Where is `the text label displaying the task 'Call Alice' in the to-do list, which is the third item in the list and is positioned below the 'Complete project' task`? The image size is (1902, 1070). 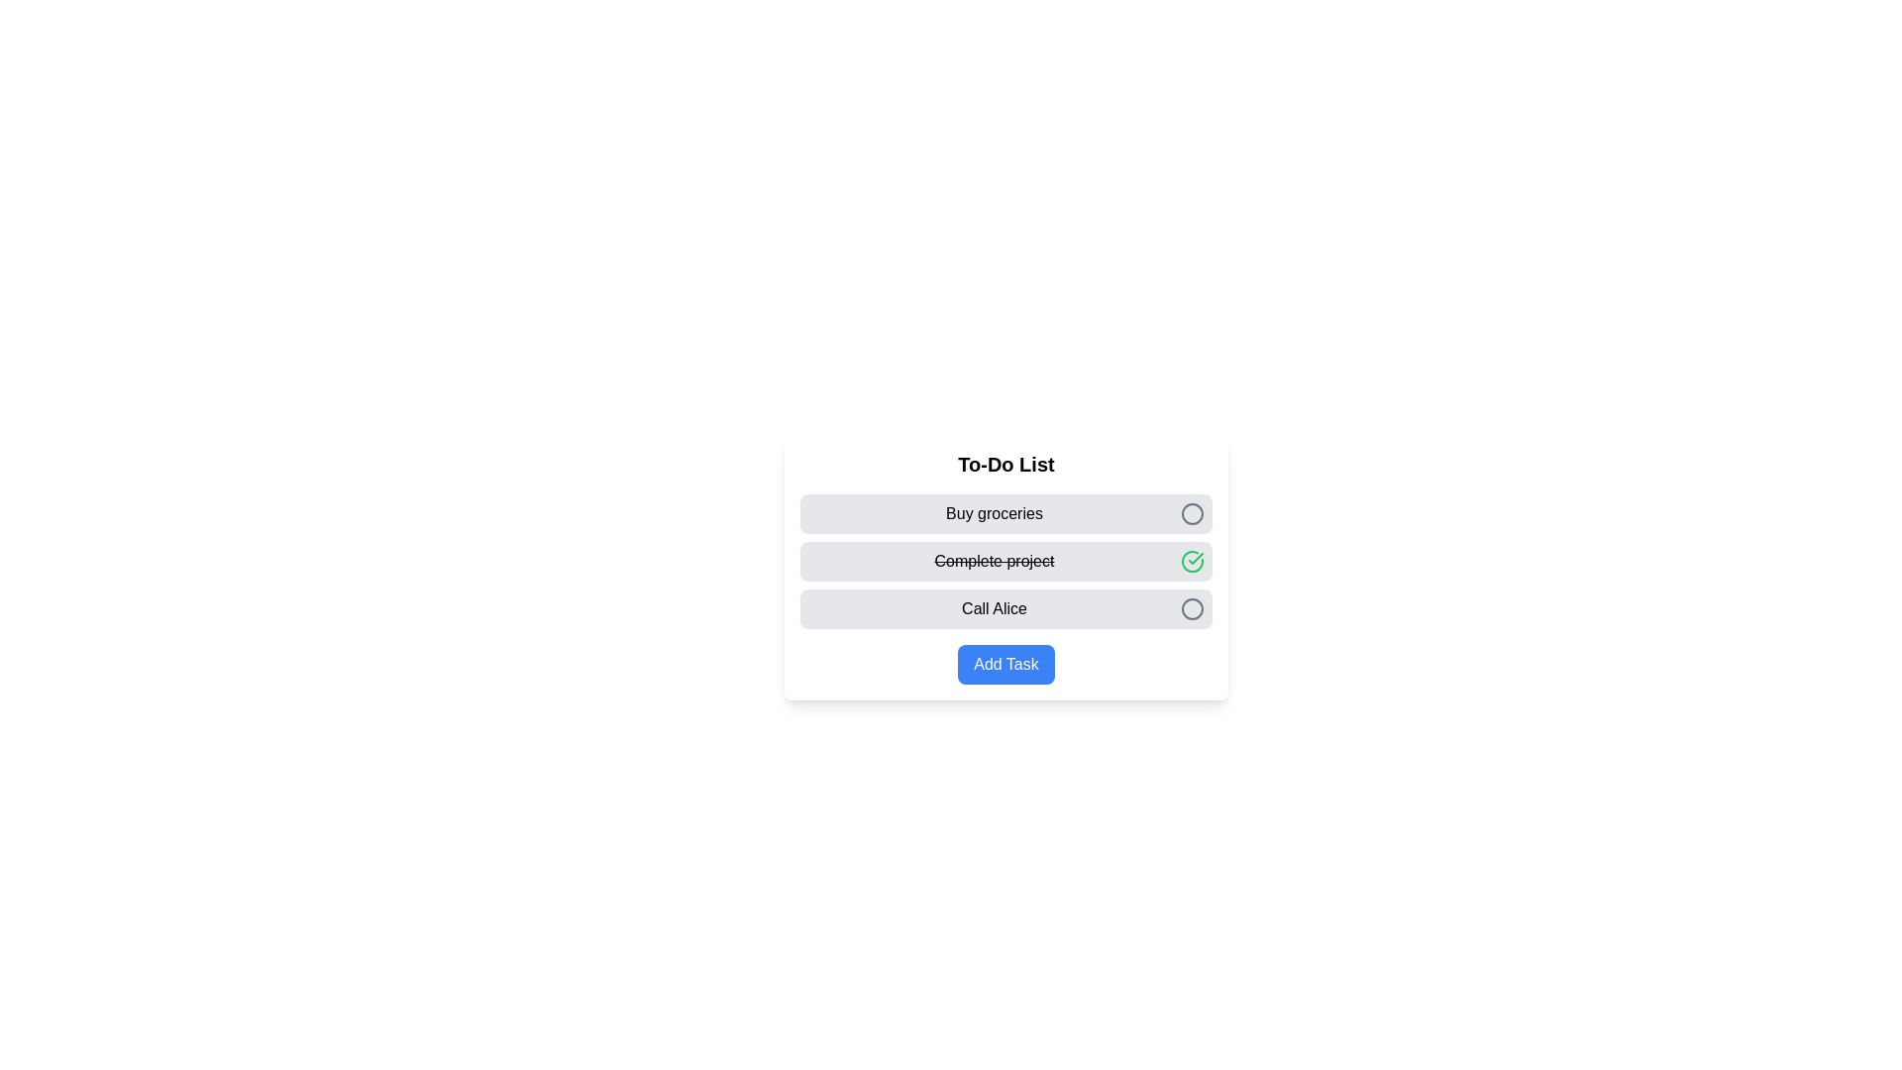 the text label displaying the task 'Call Alice' in the to-do list, which is the third item in the list and is positioned below the 'Complete project' task is located at coordinates (994, 607).